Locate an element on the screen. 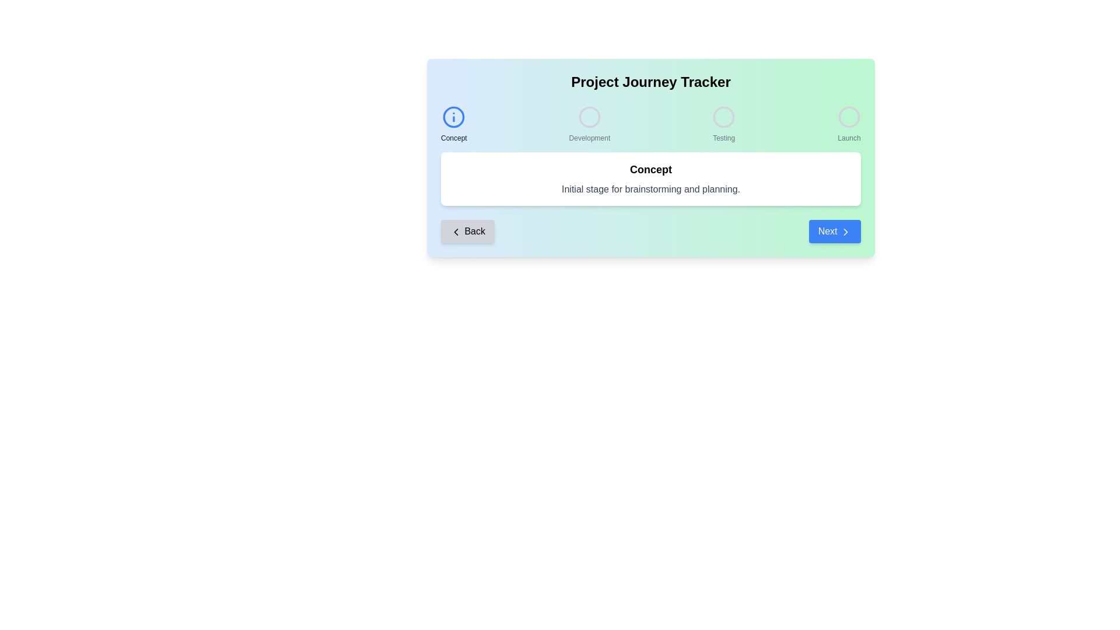 The height and width of the screenshot is (630, 1120). the 'Back' button, which has a grey background, rounded corners, and contains the text 'Back' with a leftward-facing chevron icon, located at the bottom-left corner of the main card component is located at coordinates (467, 232).